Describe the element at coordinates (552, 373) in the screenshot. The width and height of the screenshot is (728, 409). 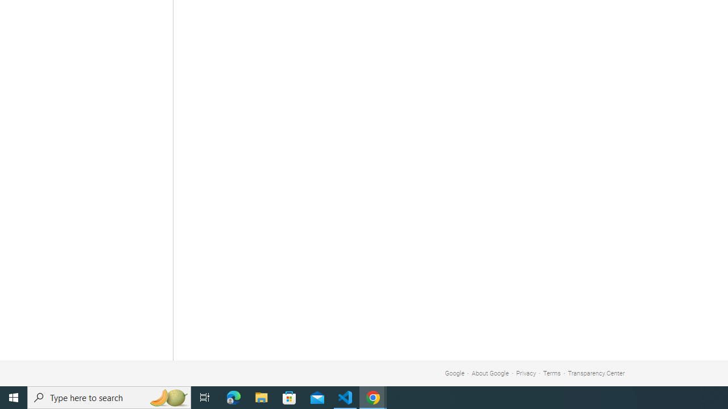
I see `'Terms'` at that location.